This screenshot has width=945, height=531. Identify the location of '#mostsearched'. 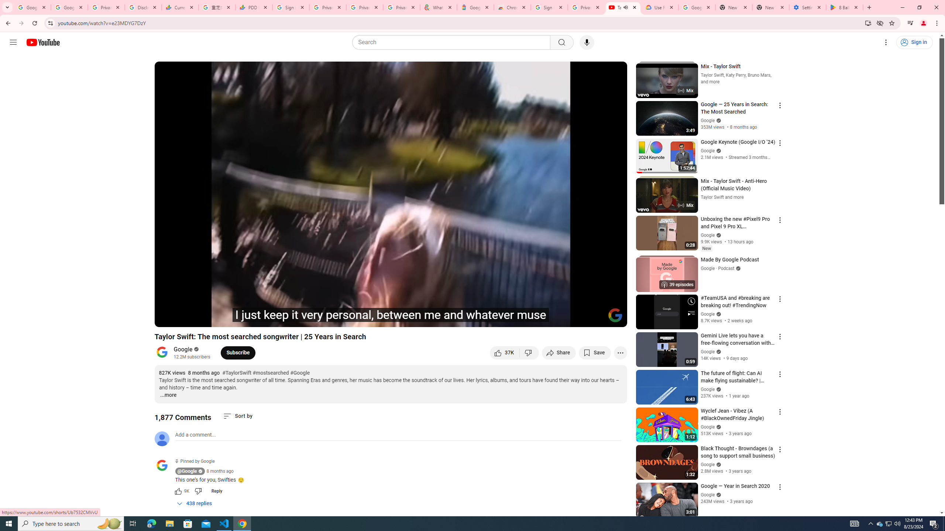
(271, 373).